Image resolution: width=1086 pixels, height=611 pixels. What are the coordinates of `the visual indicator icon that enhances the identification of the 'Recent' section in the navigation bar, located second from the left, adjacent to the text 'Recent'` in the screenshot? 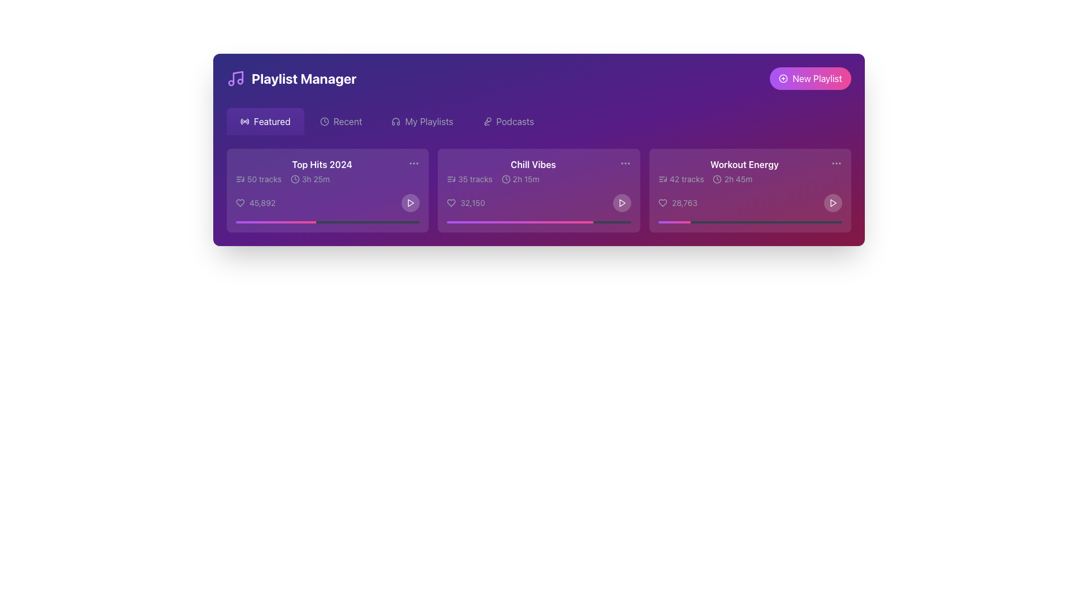 It's located at (324, 122).